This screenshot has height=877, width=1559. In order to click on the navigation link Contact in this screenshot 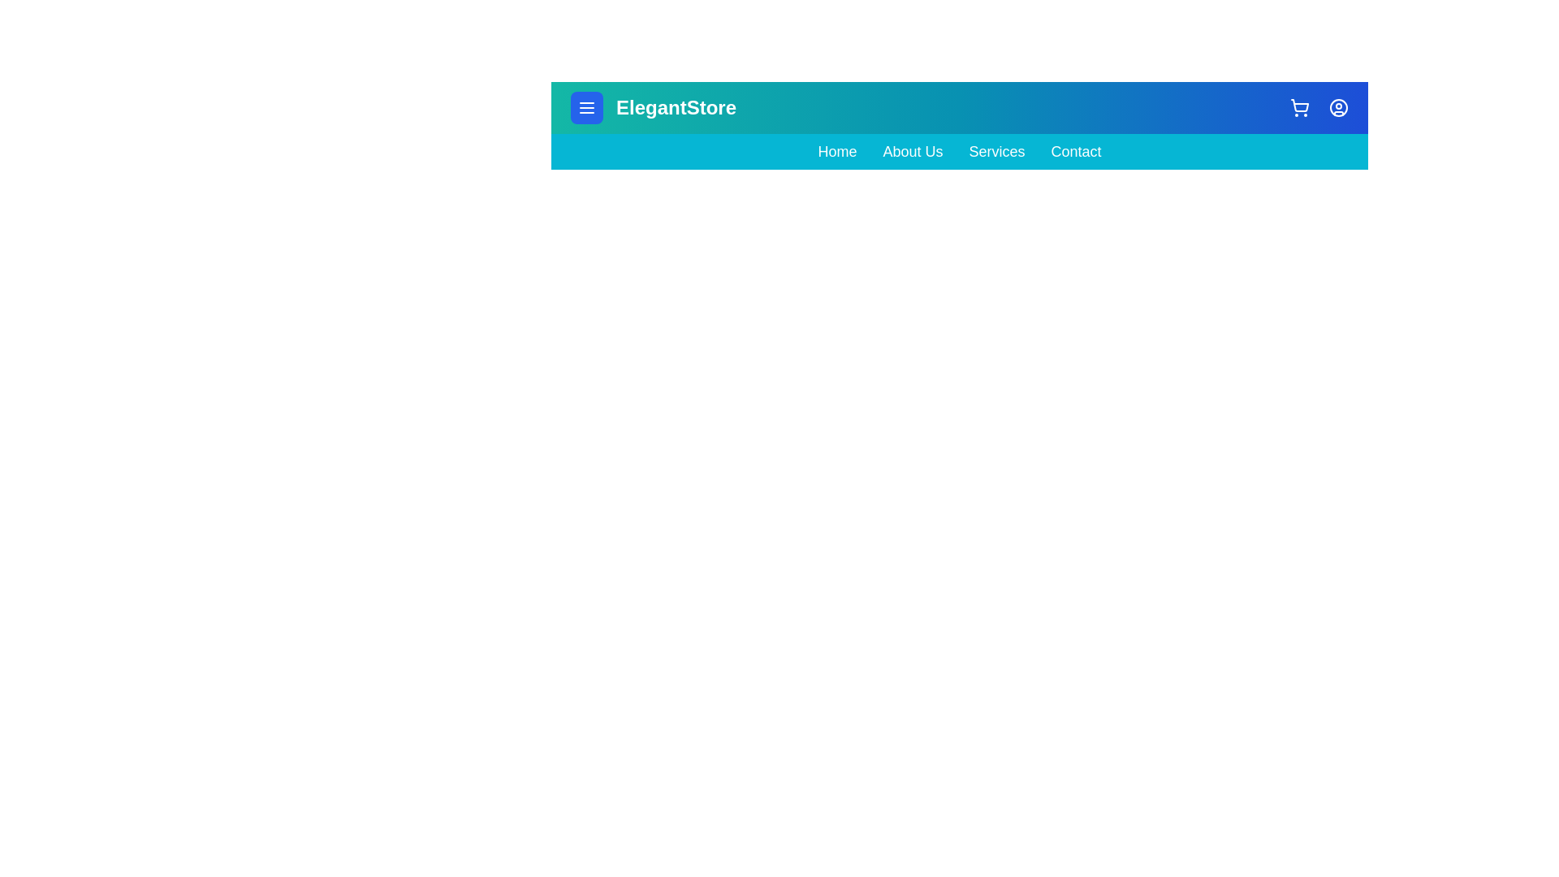, I will do `click(1076, 151)`.